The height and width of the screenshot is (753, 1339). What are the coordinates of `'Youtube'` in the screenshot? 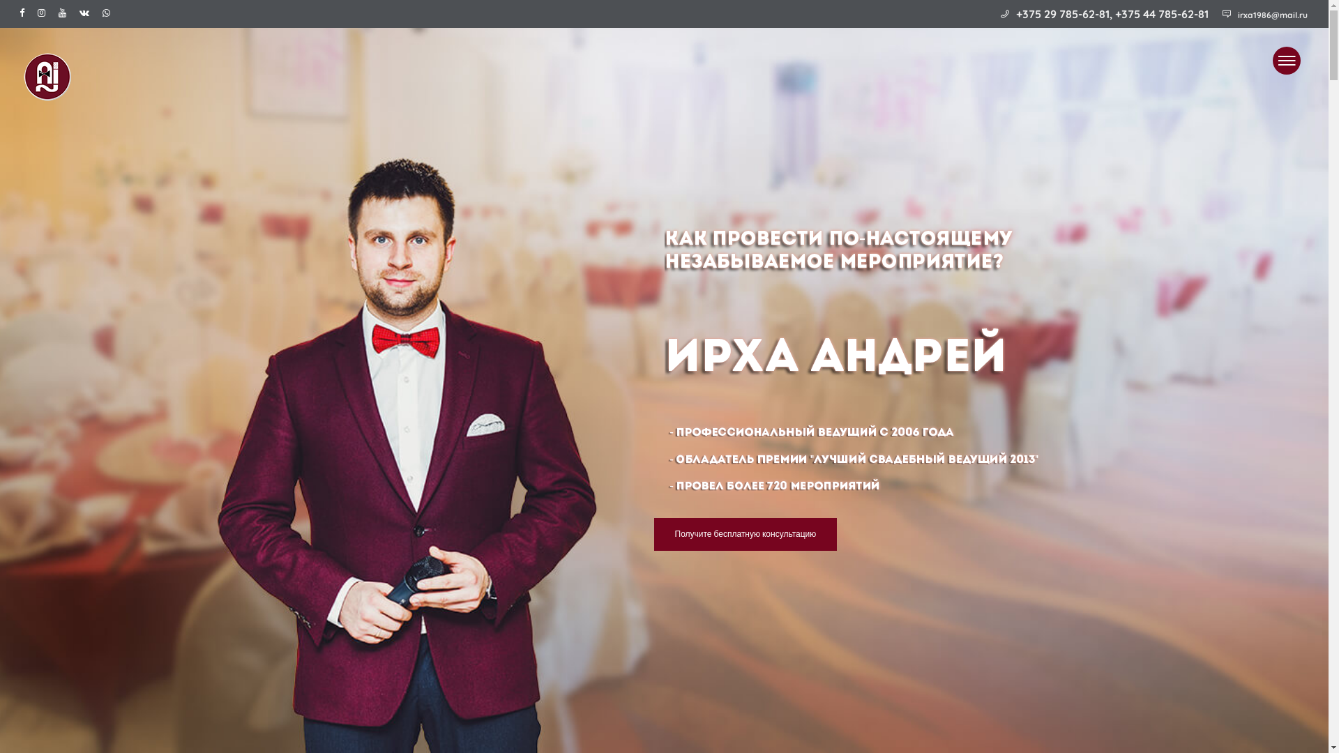 It's located at (65, 12).